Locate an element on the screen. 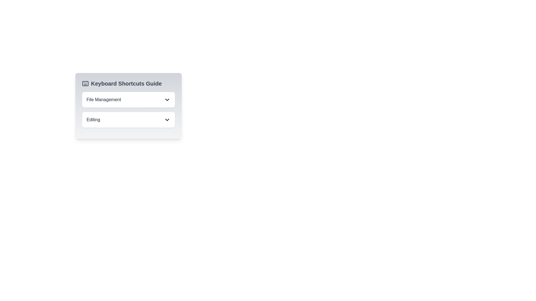  the downward-facing chevron arrow icon located to the right of the 'Editing' text is located at coordinates (167, 119).